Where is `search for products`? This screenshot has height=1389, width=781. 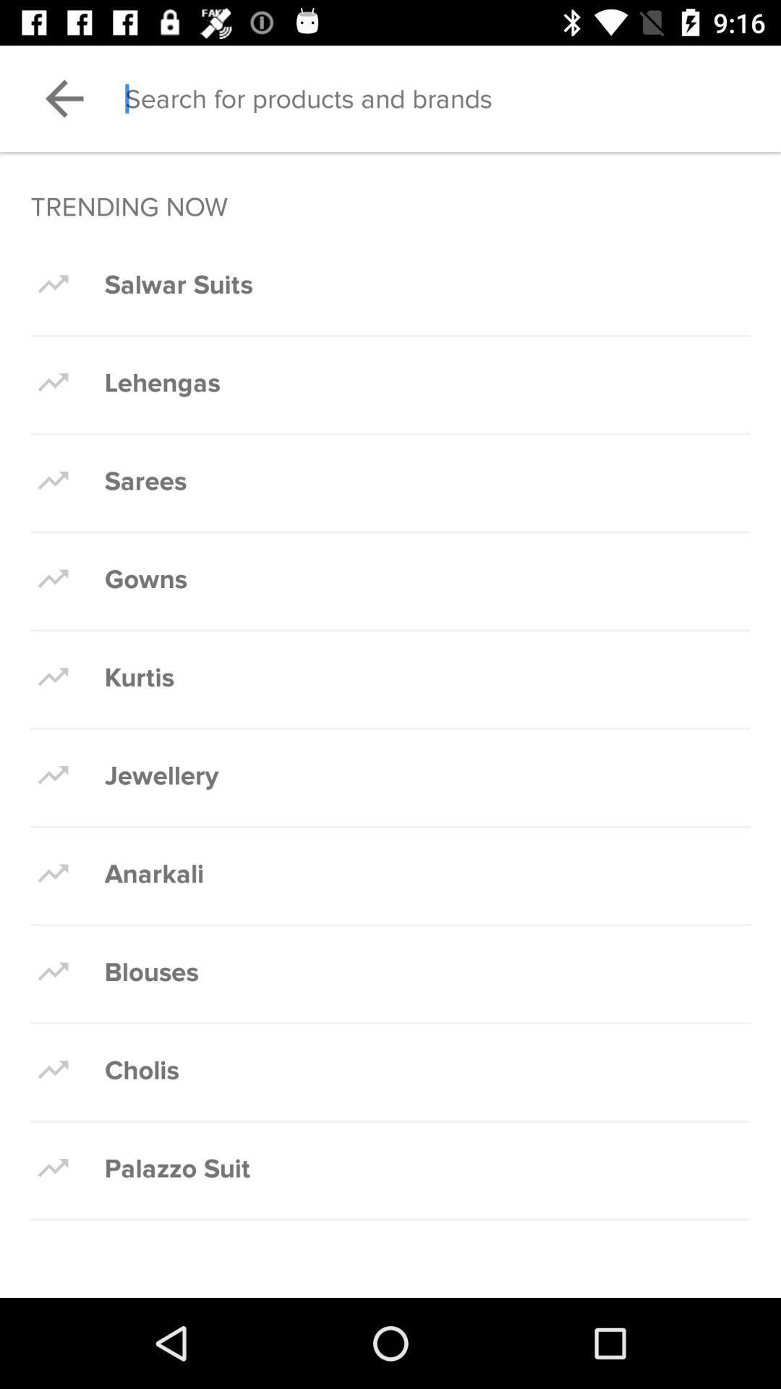
search for products is located at coordinates (452, 98).